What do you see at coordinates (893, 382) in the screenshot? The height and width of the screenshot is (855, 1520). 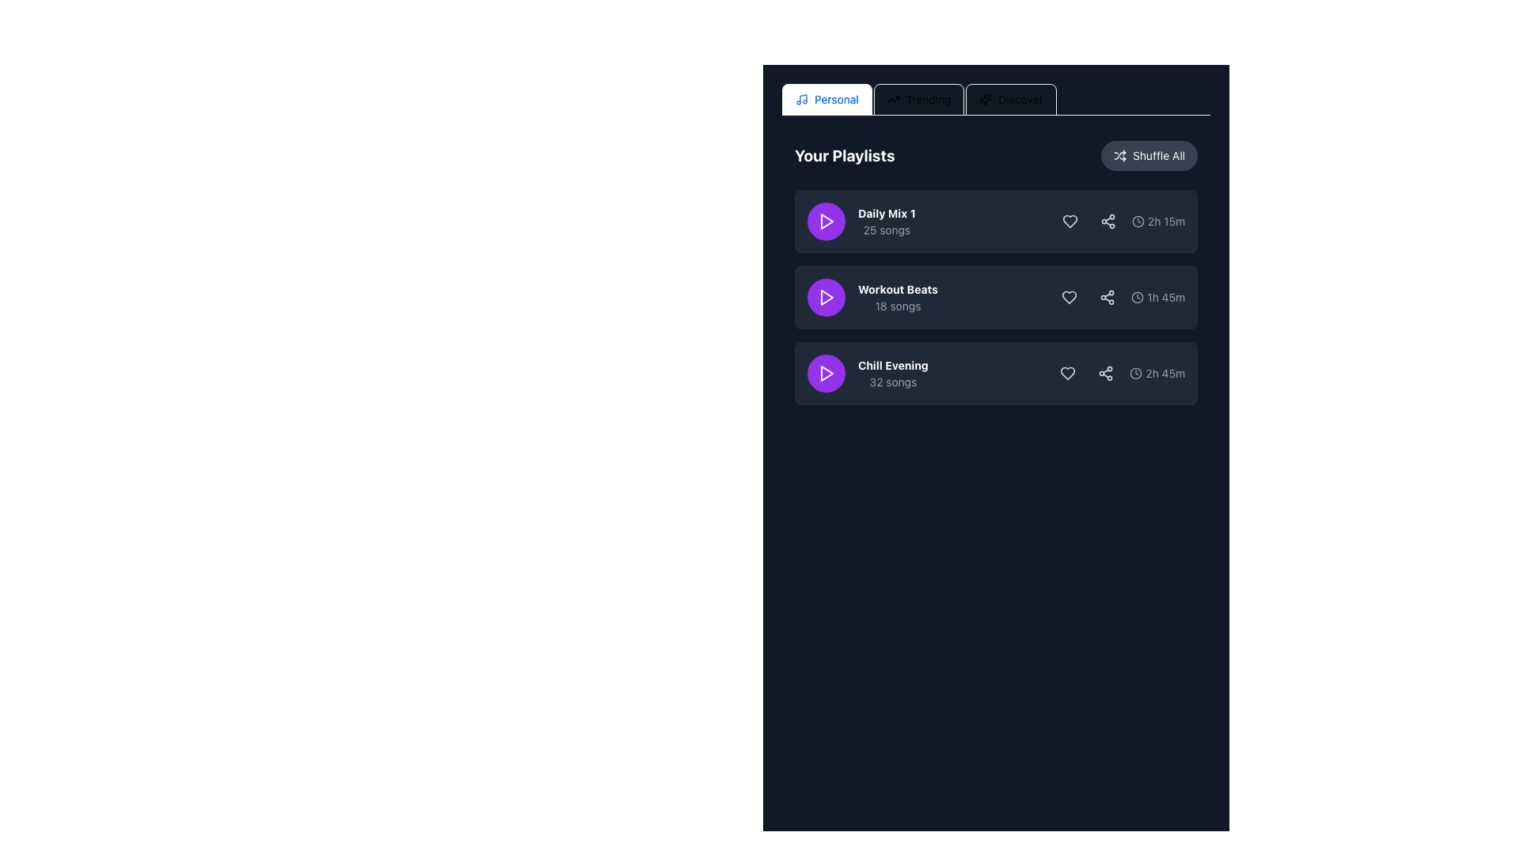 I see `the text label indicating the number of songs in the 'Chill Evening' playlist, located under the 'Chill Evening' text on the third playlist card` at bounding box center [893, 382].